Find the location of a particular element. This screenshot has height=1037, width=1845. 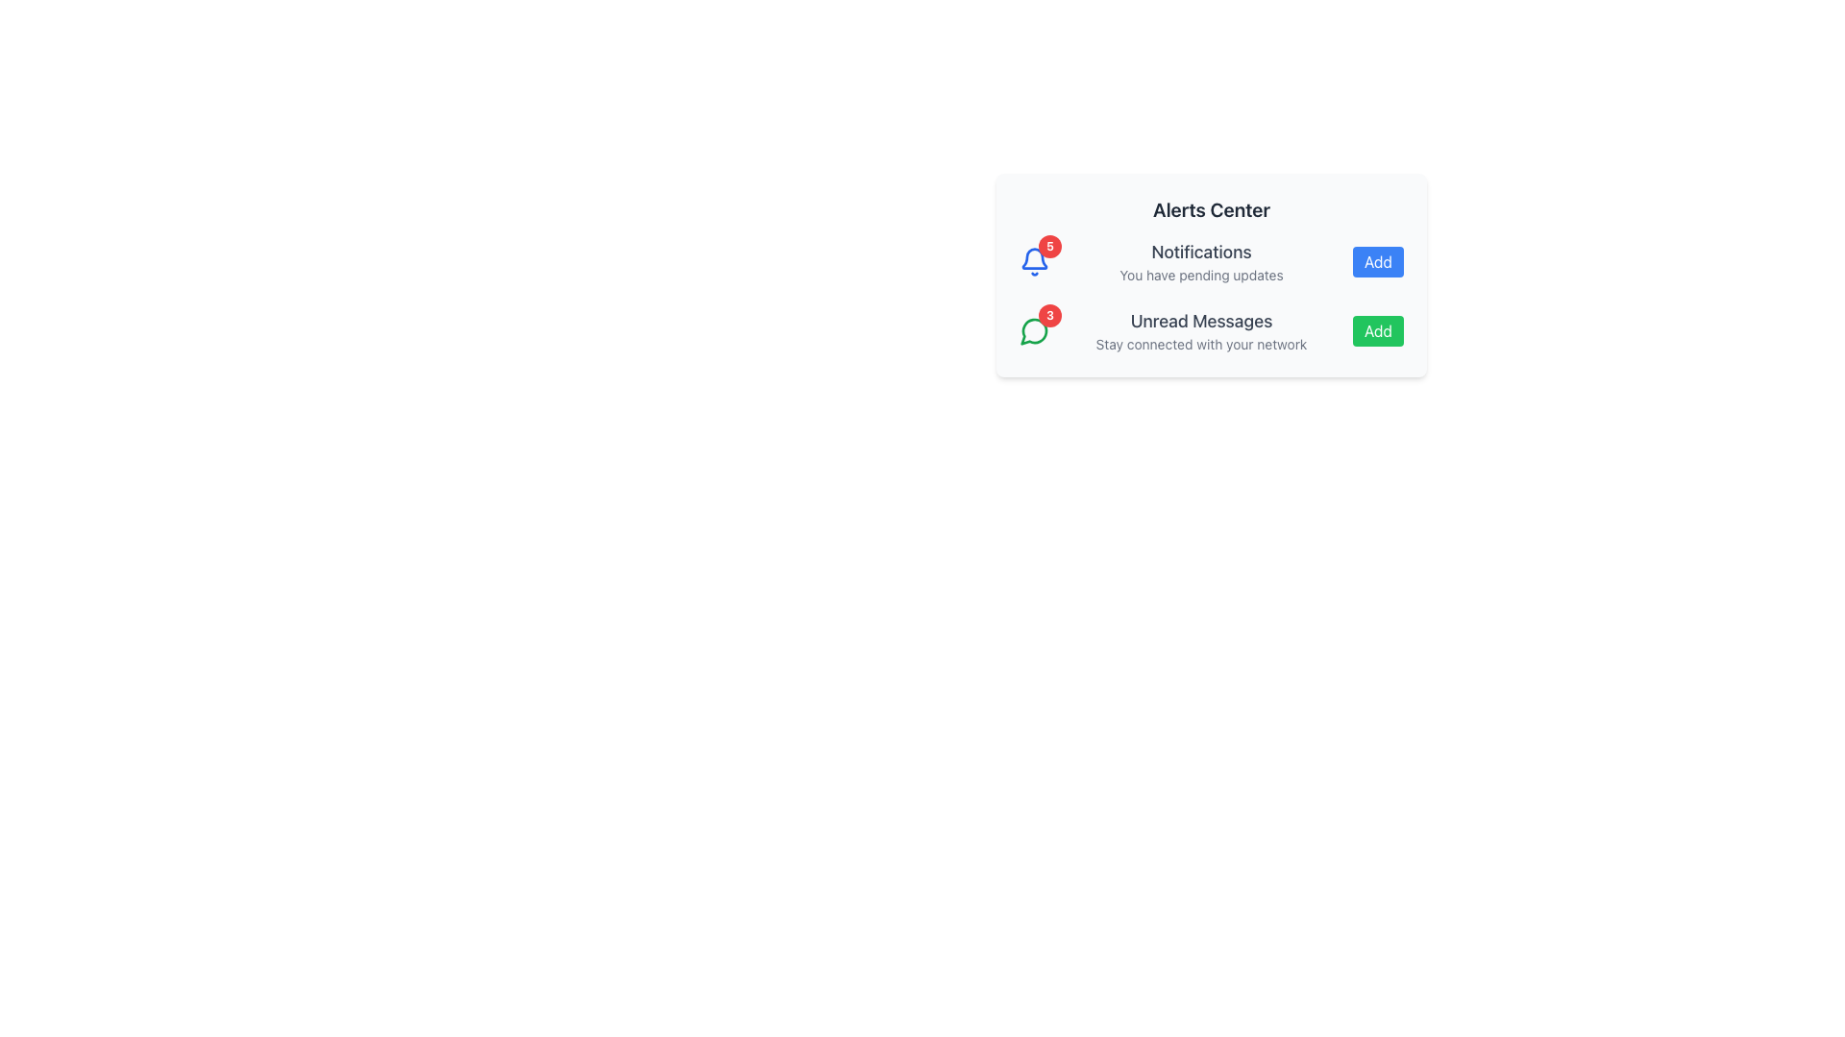

the 'Add' button located in the 'Notifications' section of the 'Alerts Center' card to experience its hover effect is located at coordinates (1377, 262).